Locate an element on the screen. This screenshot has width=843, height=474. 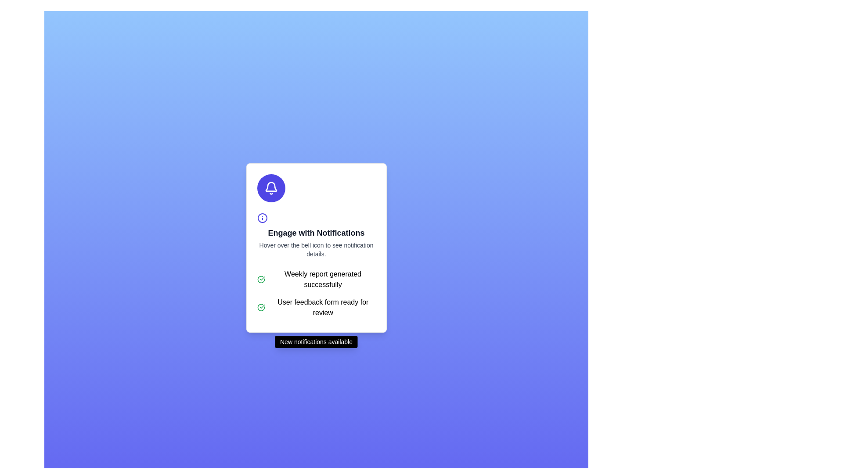
title text of the modal box that summarizes the purpose of the notifications, located below the circular purple bell and blue info icons is located at coordinates (316, 233).